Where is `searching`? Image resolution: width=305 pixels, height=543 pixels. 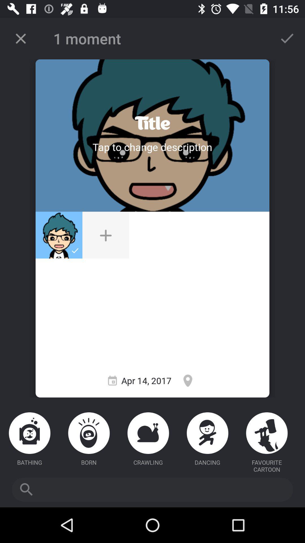
searching is located at coordinates (152, 489).